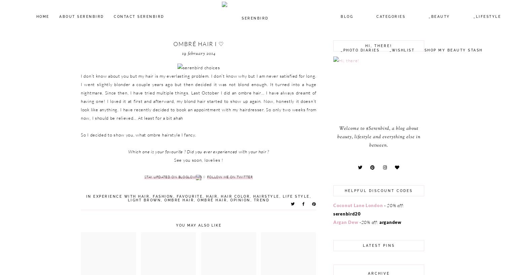 Image resolution: width=505 pixels, height=275 pixels. What do you see at coordinates (198, 96) in the screenshot?
I see `'I don’t know about you but my hair is my everlasting problem. I don’t know why but I am never satisfied for long. I went slightly blonder a couple years ago but then decided it was not blond enough. It turned into a huge nightmare. Since then, I have tried multiple things. Last October I did an ombre hair… I have always dreamt of having one! I loved it at first and afterward, my blond hair started to show up again. Now, honestly it doesn’t look like anything.  I have recently decided to book an appointment with my hairdresser. So only two weeks from now, I should be relieved… At least for a bit ahah'` at bounding box center [198, 96].